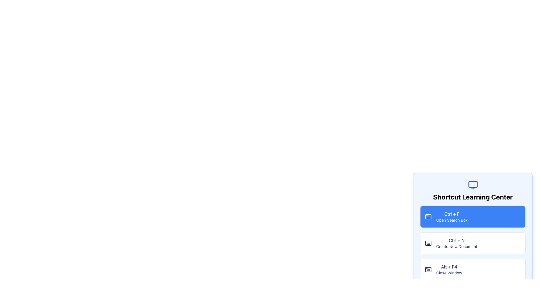  Describe the element at coordinates (472, 243) in the screenshot. I see `the second Informational Card in the Shortcut Learning Center for keyboard navigation` at that location.